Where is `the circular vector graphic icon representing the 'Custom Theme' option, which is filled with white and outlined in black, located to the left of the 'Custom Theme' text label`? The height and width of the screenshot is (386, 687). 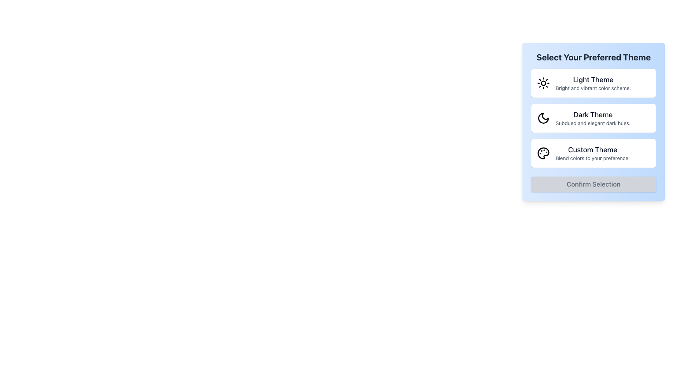 the circular vector graphic icon representing the 'Custom Theme' option, which is filled with white and outlined in black, located to the left of the 'Custom Theme' text label is located at coordinates (543, 153).